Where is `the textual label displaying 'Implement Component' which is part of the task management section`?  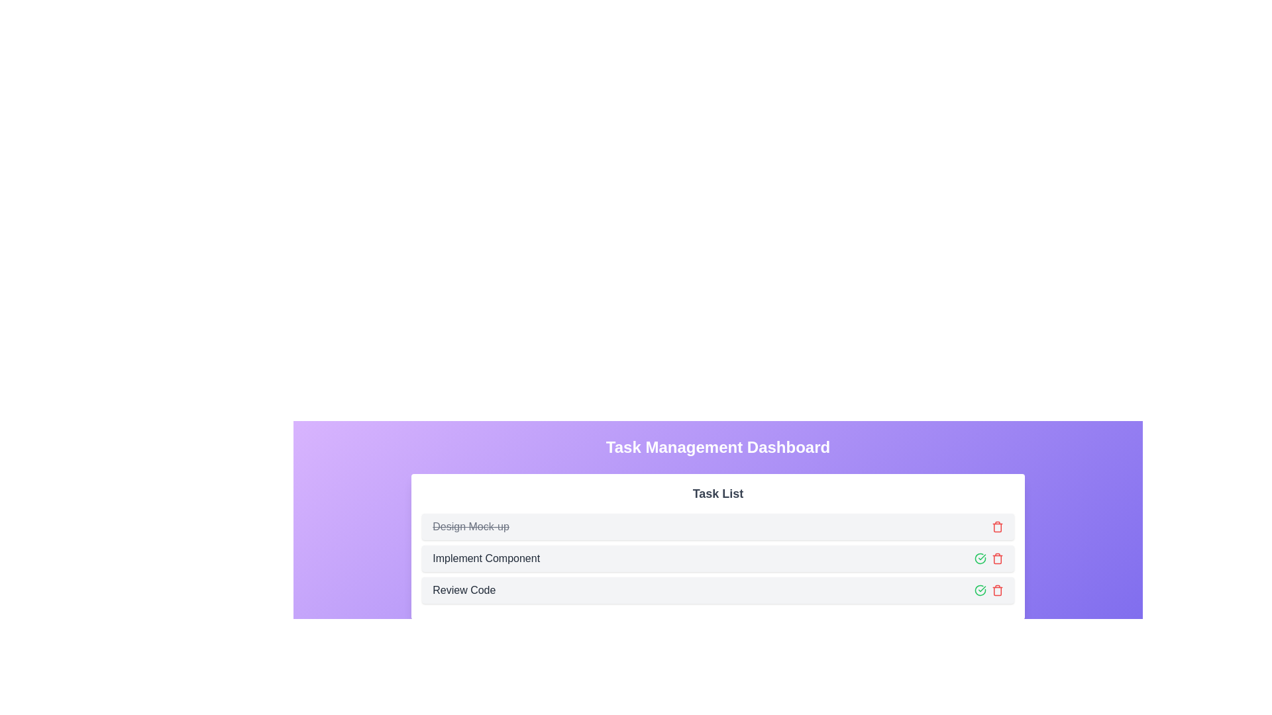
the textual label displaying 'Implement Component' which is part of the task management section is located at coordinates (486, 559).